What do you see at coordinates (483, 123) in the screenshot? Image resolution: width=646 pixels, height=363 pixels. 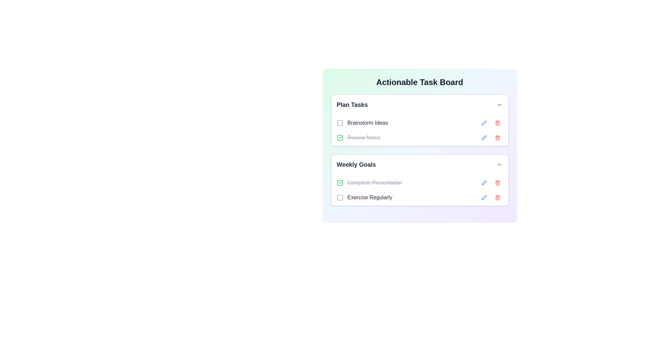 I see `the 'Edit' icon button located at the top-right corner of the 'Review Notes' item row in the task list` at bounding box center [483, 123].